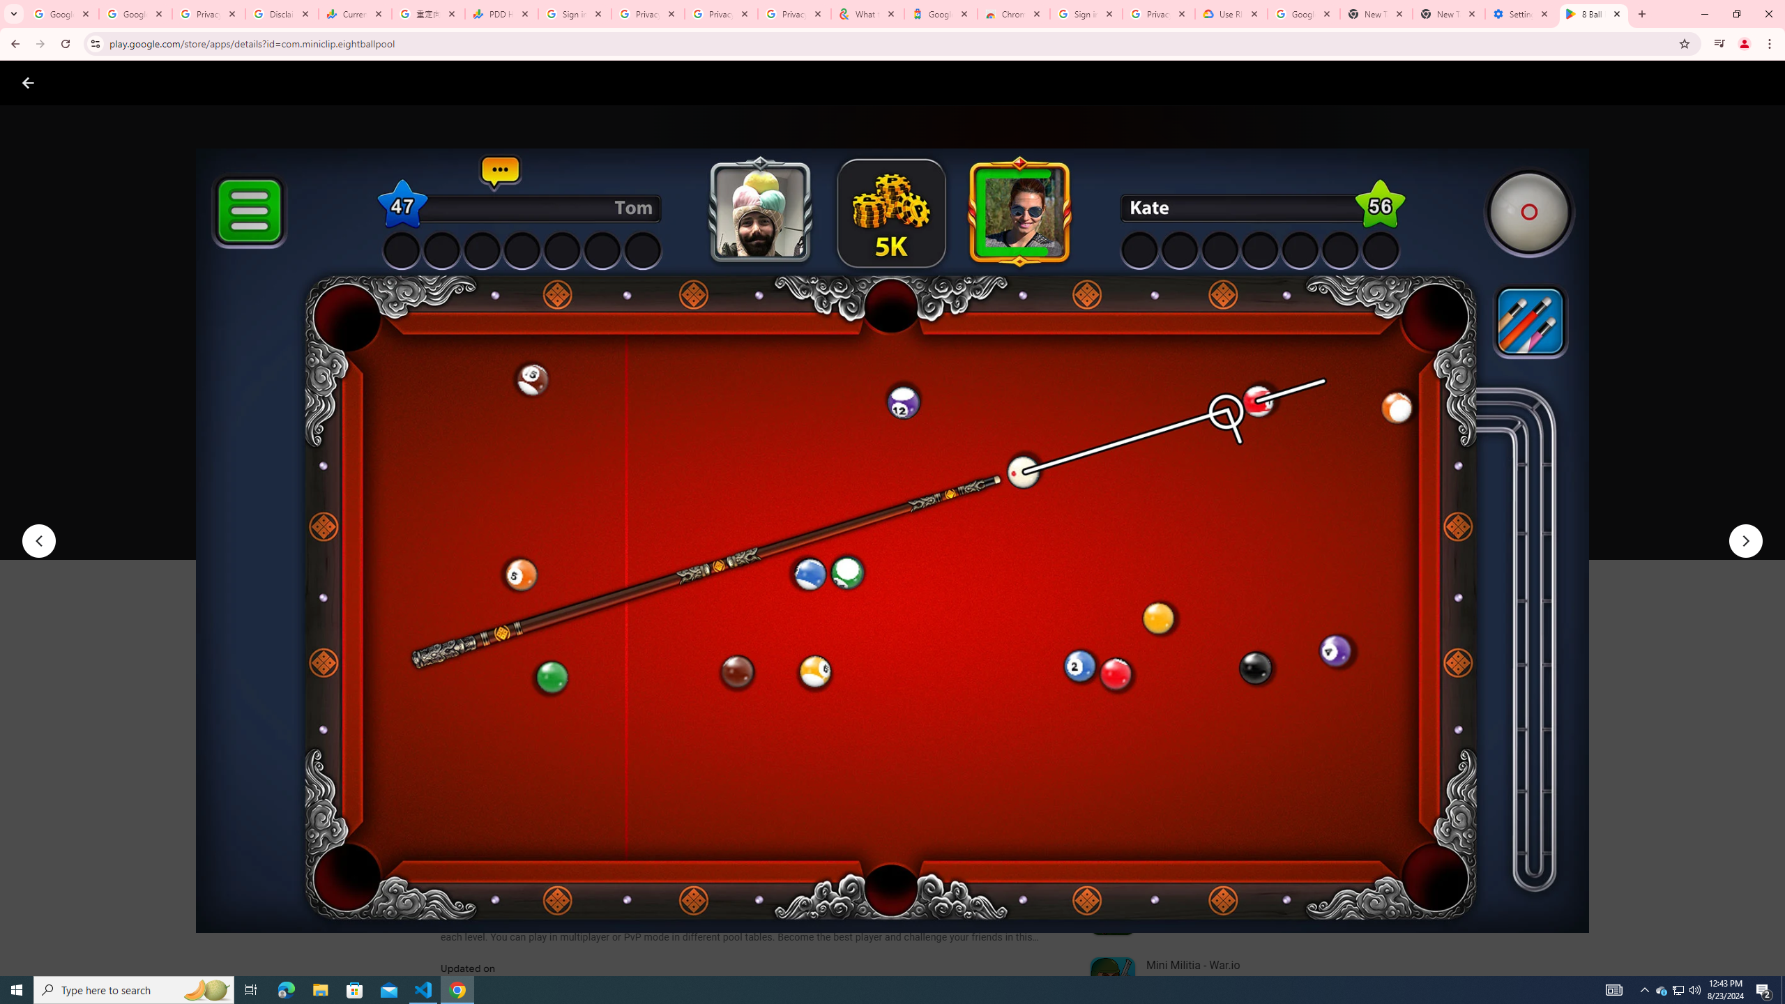  I want to click on 'Privacy Checkup', so click(721, 13).